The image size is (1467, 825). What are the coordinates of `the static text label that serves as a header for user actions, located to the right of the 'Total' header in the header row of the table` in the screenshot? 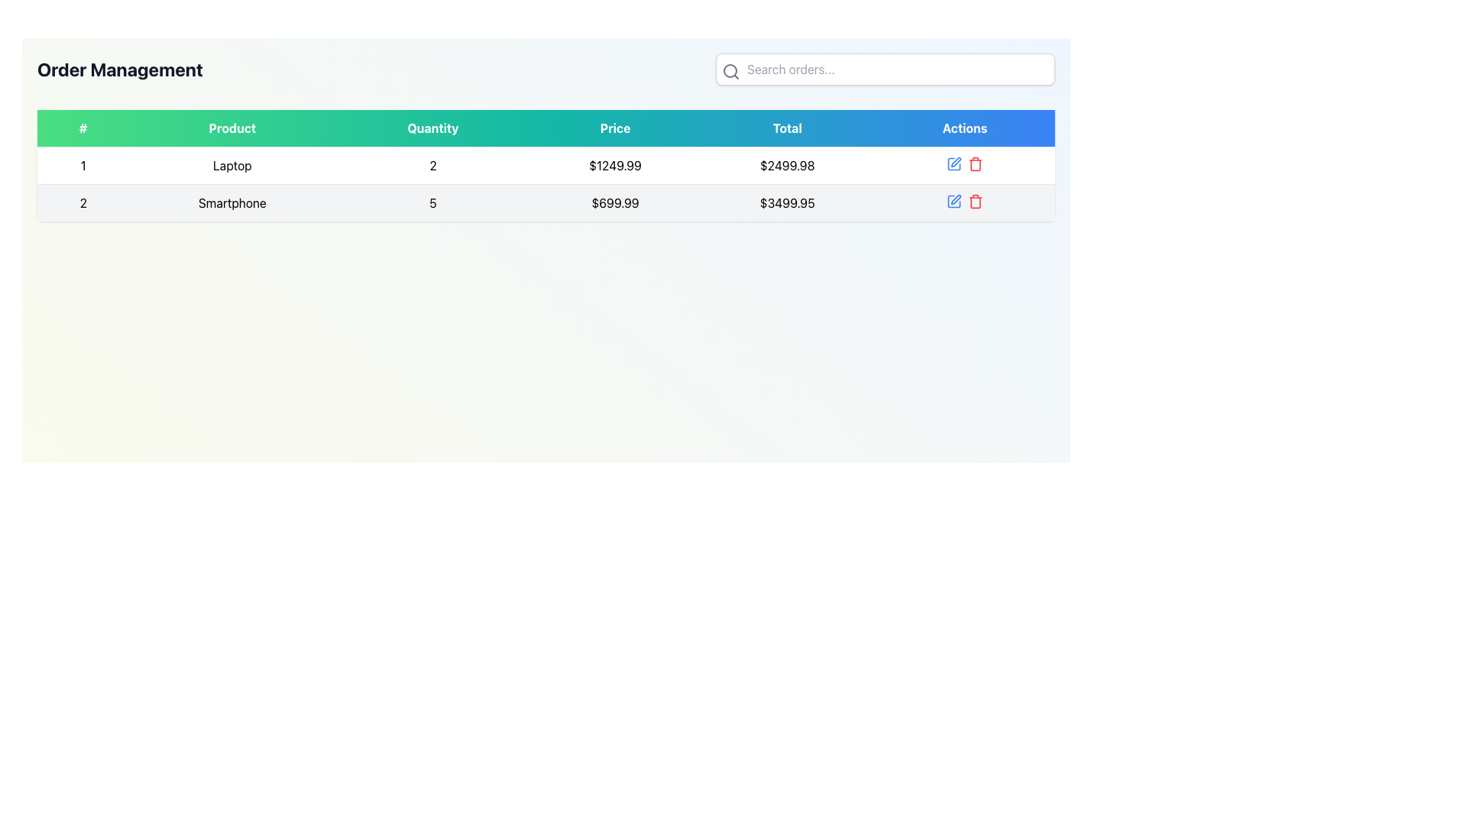 It's located at (964, 128).